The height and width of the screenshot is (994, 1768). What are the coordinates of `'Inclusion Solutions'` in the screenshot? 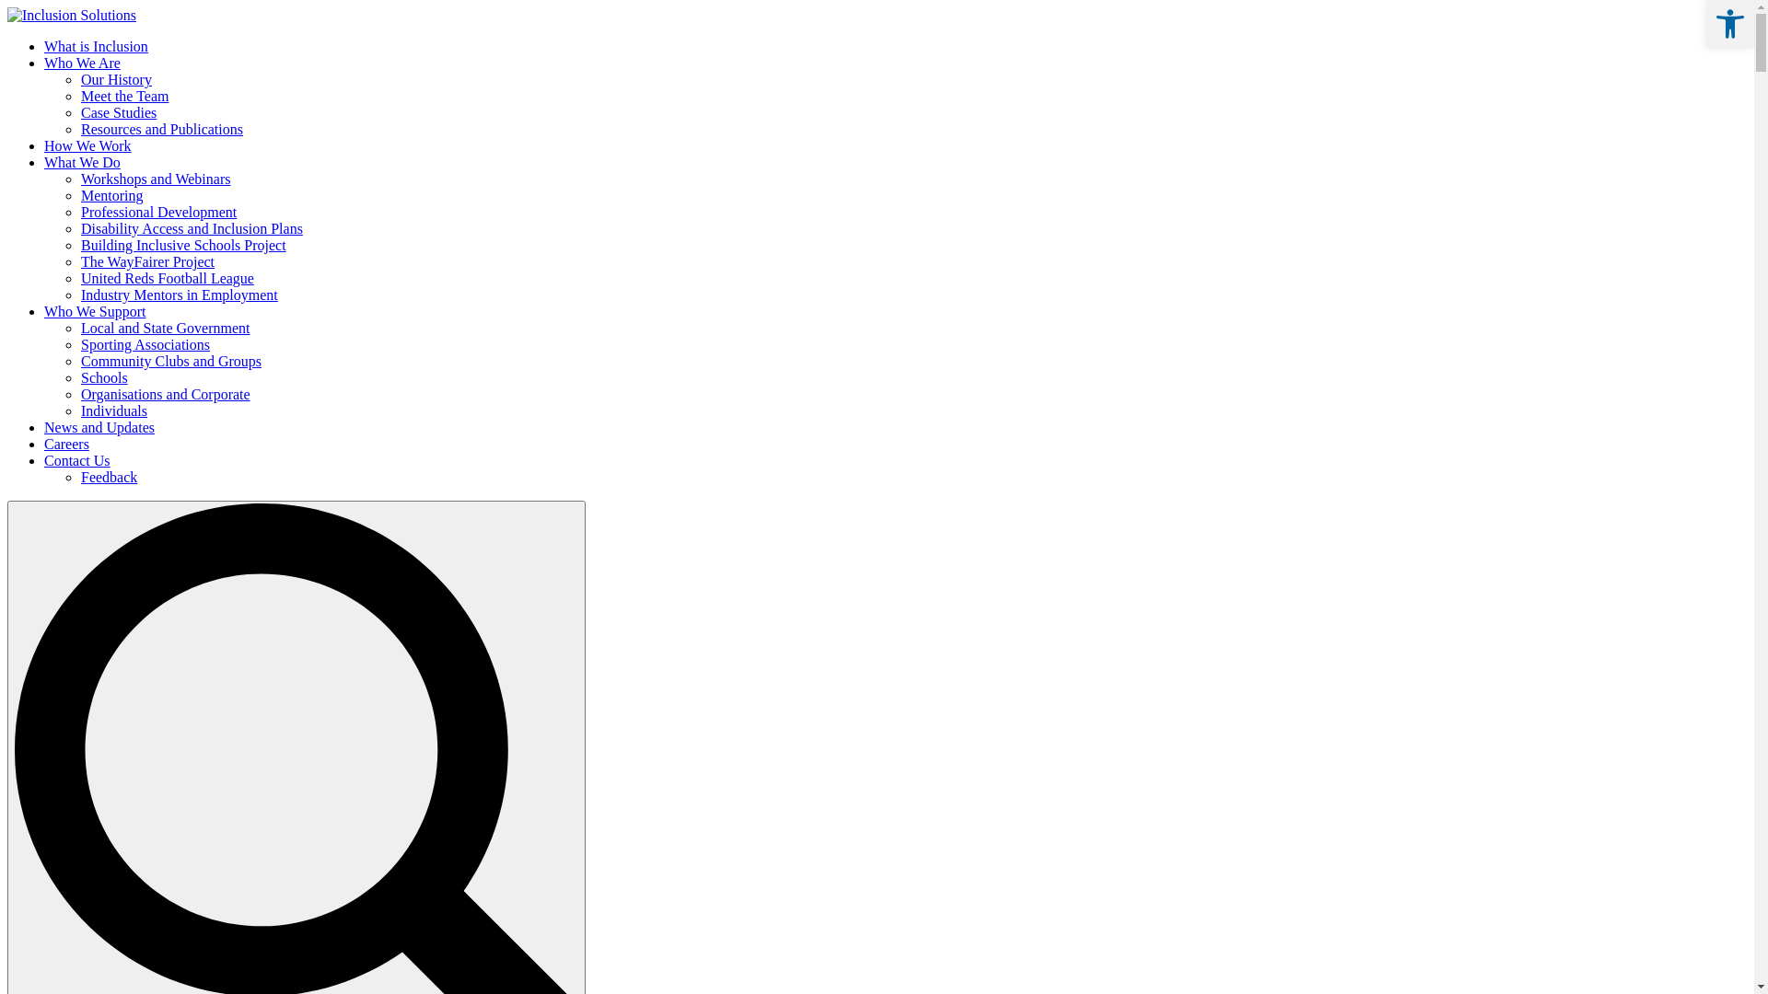 It's located at (7, 15).